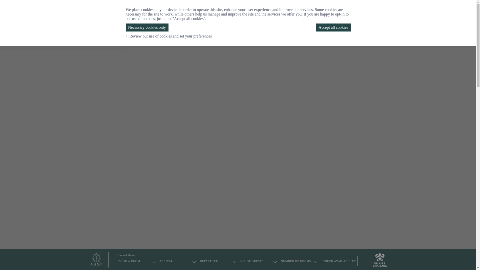  Describe the element at coordinates (137, 262) in the screenshot. I see `'BOOK A ROOM'` at that location.